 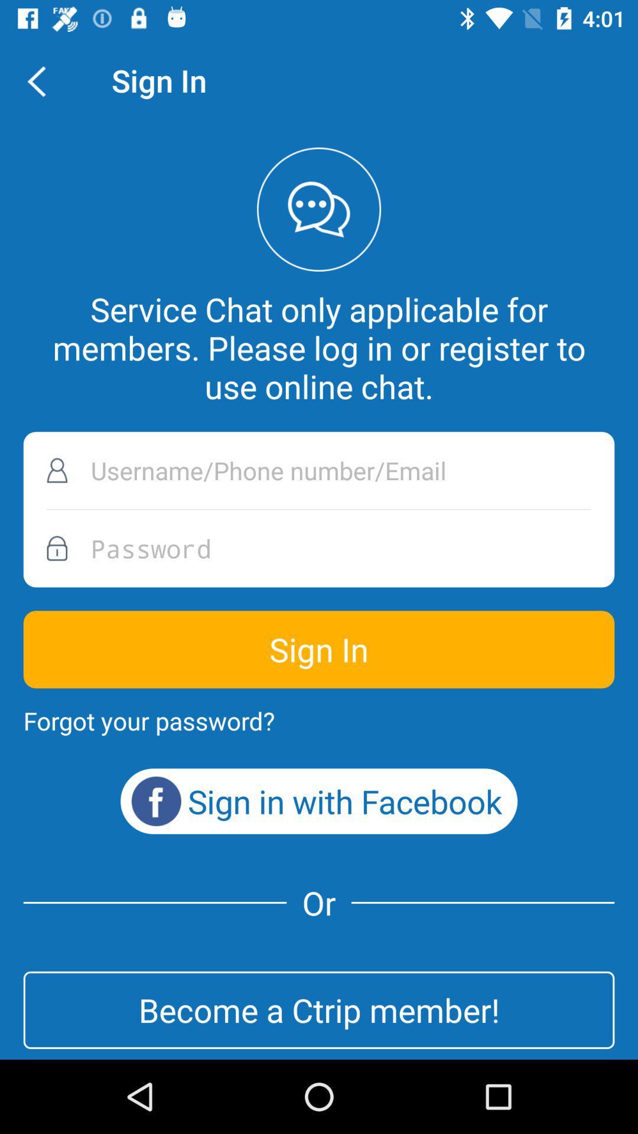 I want to click on item above the sign in with icon, so click(x=148, y=720).